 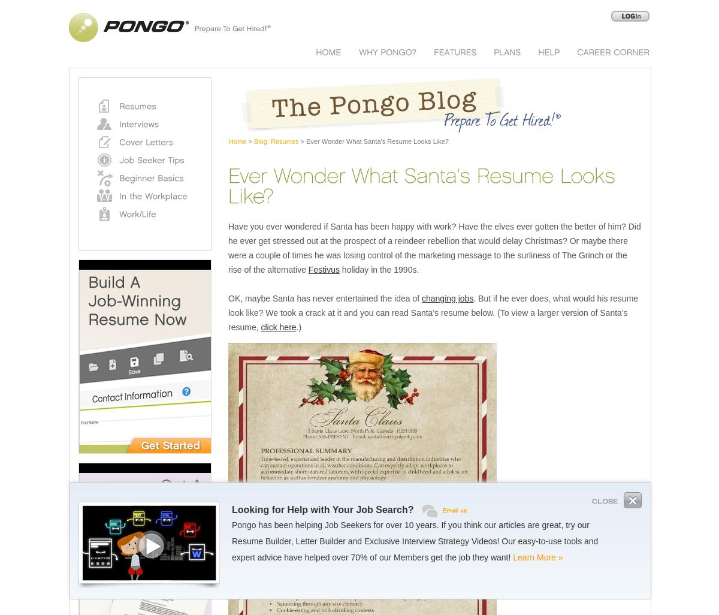 I want to click on 'holiday in the 1990s.', so click(x=379, y=270).